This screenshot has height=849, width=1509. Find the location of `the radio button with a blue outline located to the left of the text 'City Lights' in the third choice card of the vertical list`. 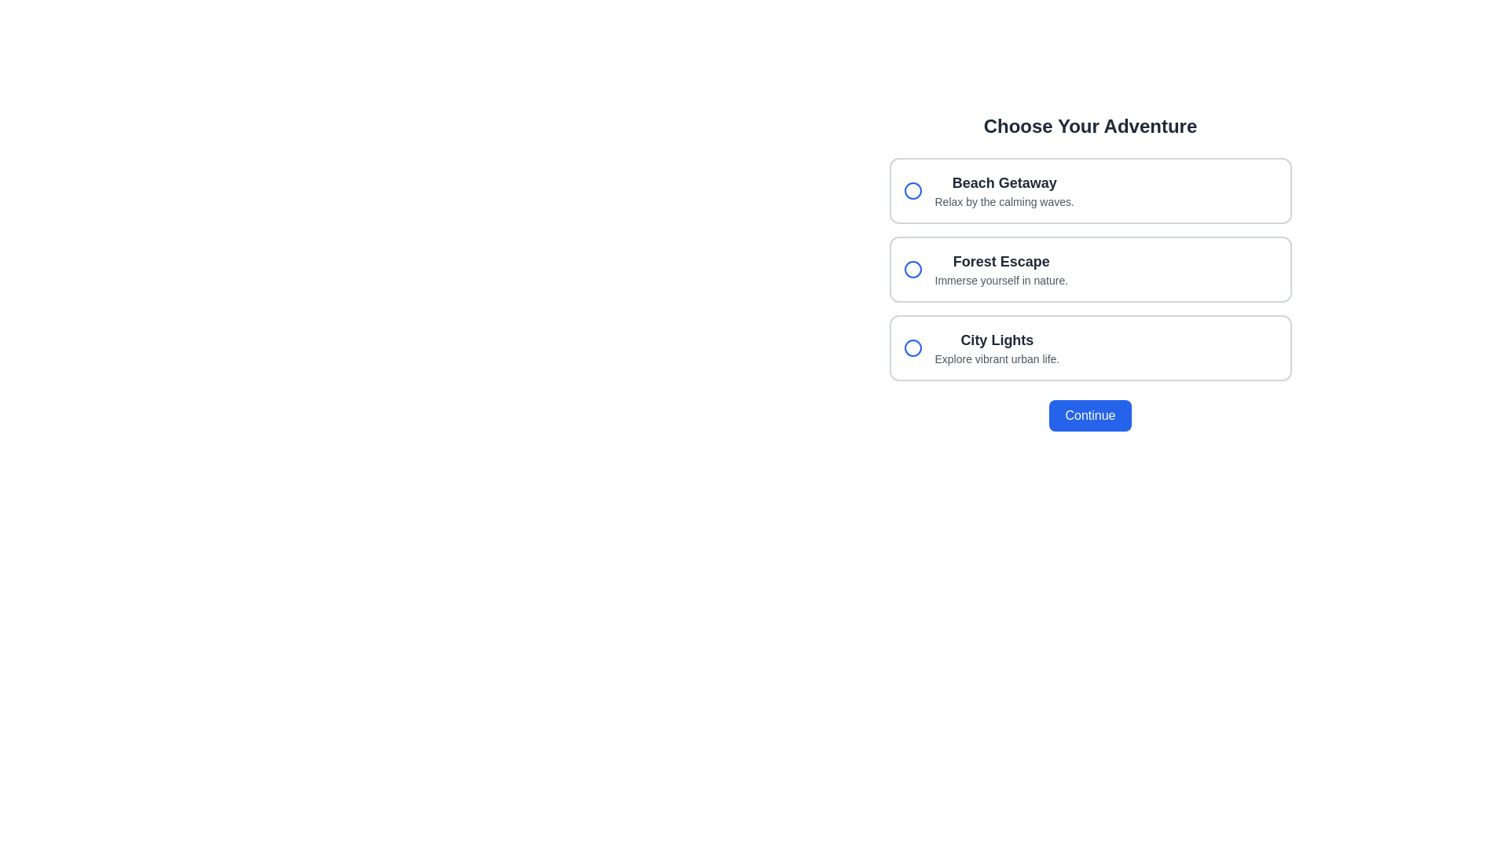

the radio button with a blue outline located to the left of the text 'City Lights' in the third choice card of the vertical list is located at coordinates (912, 347).